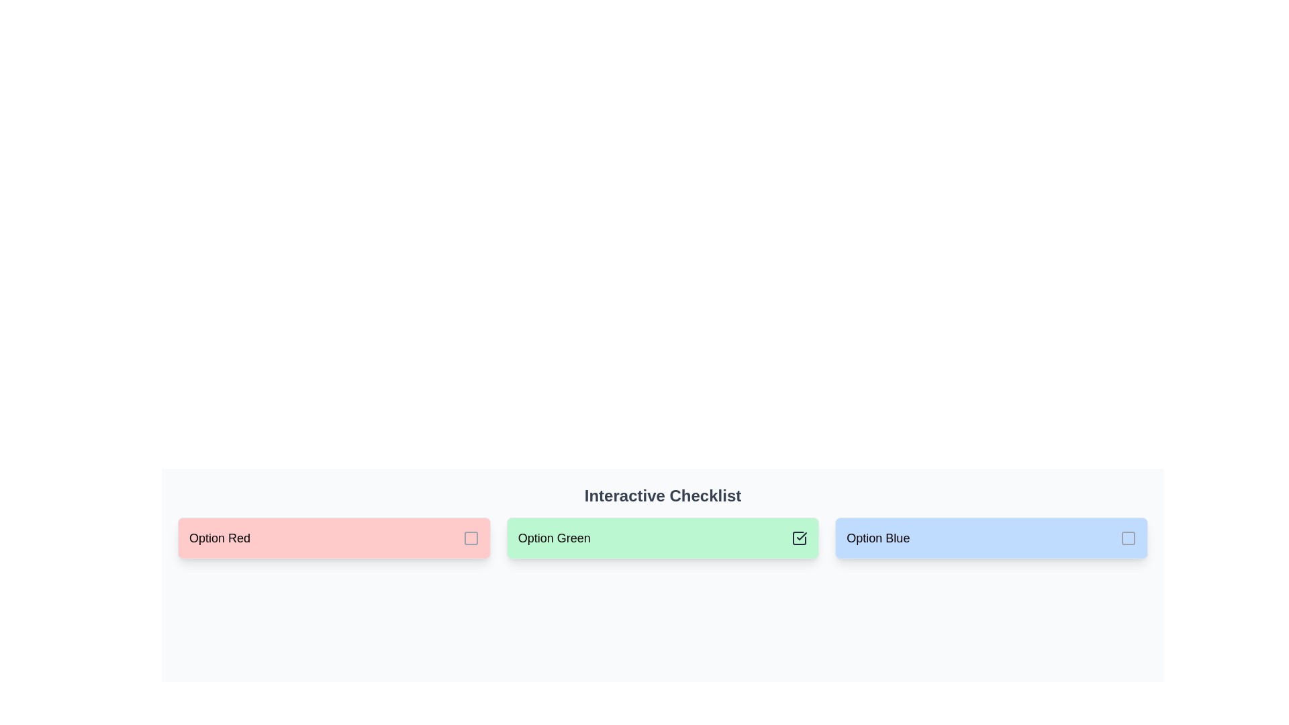  Describe the element at coordinates (878, 538) in the screenshot. I see `text content of the 'Option Blue' label, which is a medium-sized, bold text label located within a light blue background in a checklist` at that location.